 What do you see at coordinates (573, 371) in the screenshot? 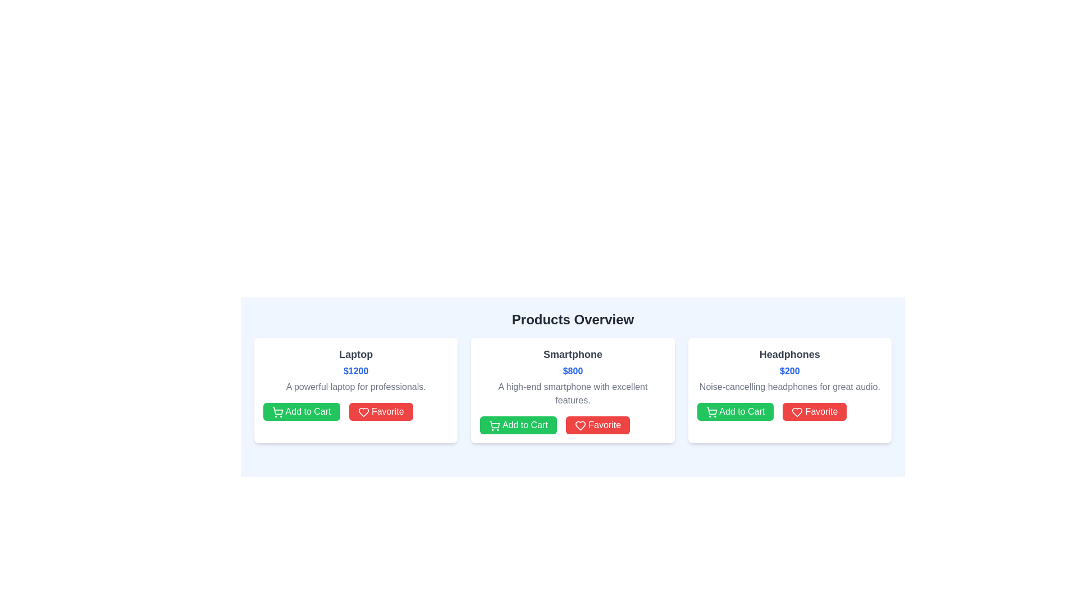
I see `the price display Text Label for the 'Smartphone' product, which is located in the middle card below the title 'Smartphone'` at bounding box center [573, 371].